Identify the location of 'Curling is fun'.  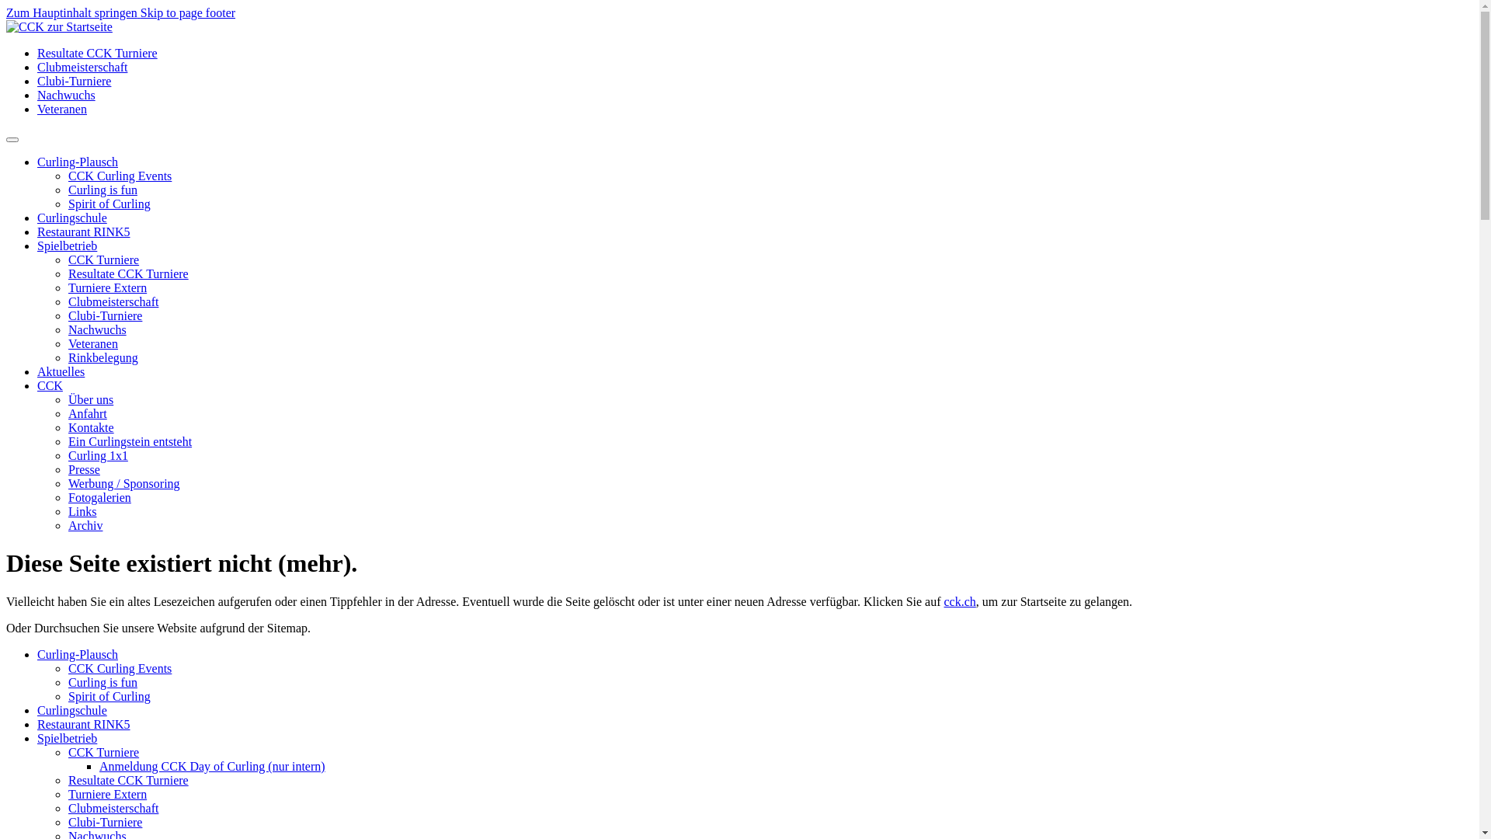
(102, 681).